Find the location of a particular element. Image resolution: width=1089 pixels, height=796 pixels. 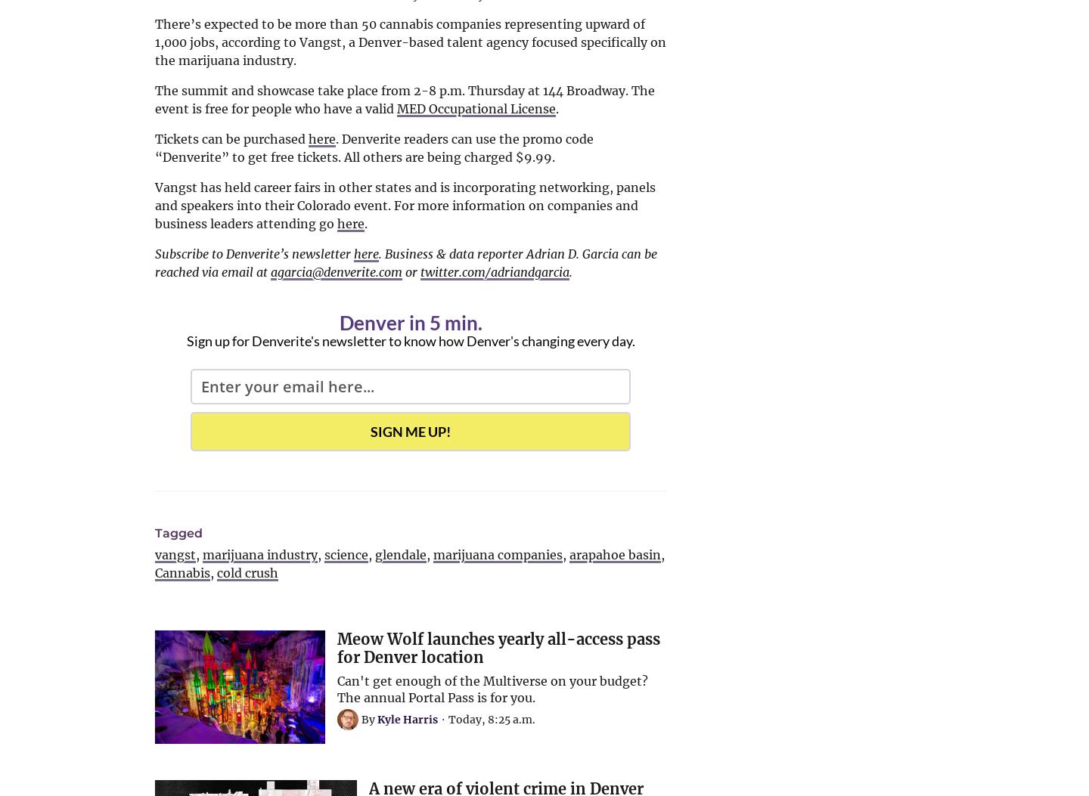

'Vangst has held career fairs in other states and is incorporating networking, panels and speakers into their Colorado event. For more information on companies and business leaders attending go' is located at coordinates (404, 204).